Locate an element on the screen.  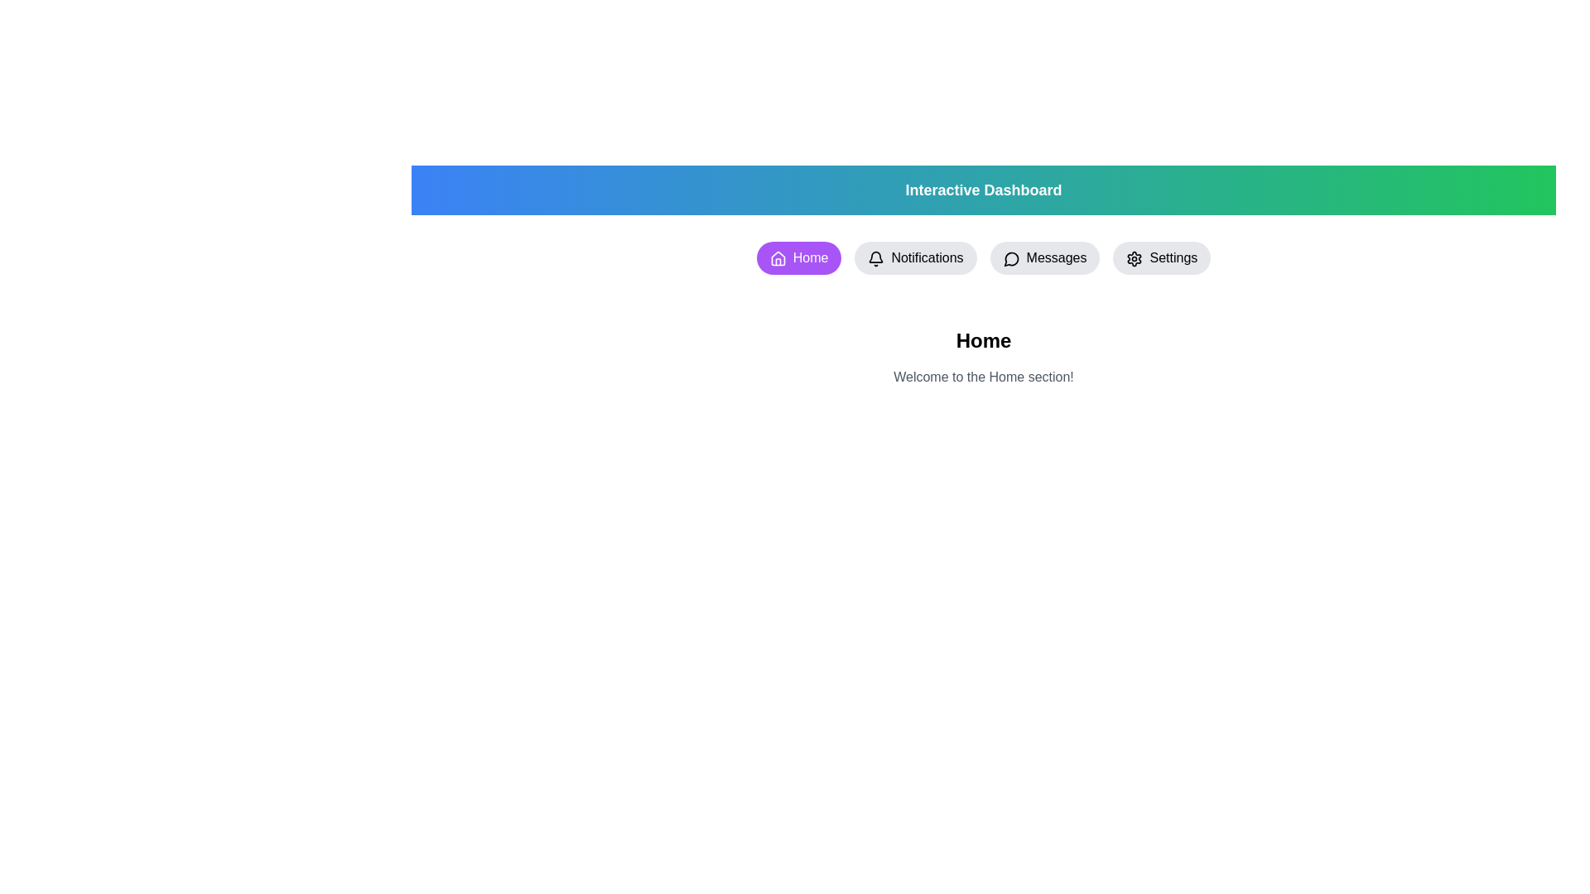
the tab labeled Notifications to view its content is located at coordinates (914, 258).